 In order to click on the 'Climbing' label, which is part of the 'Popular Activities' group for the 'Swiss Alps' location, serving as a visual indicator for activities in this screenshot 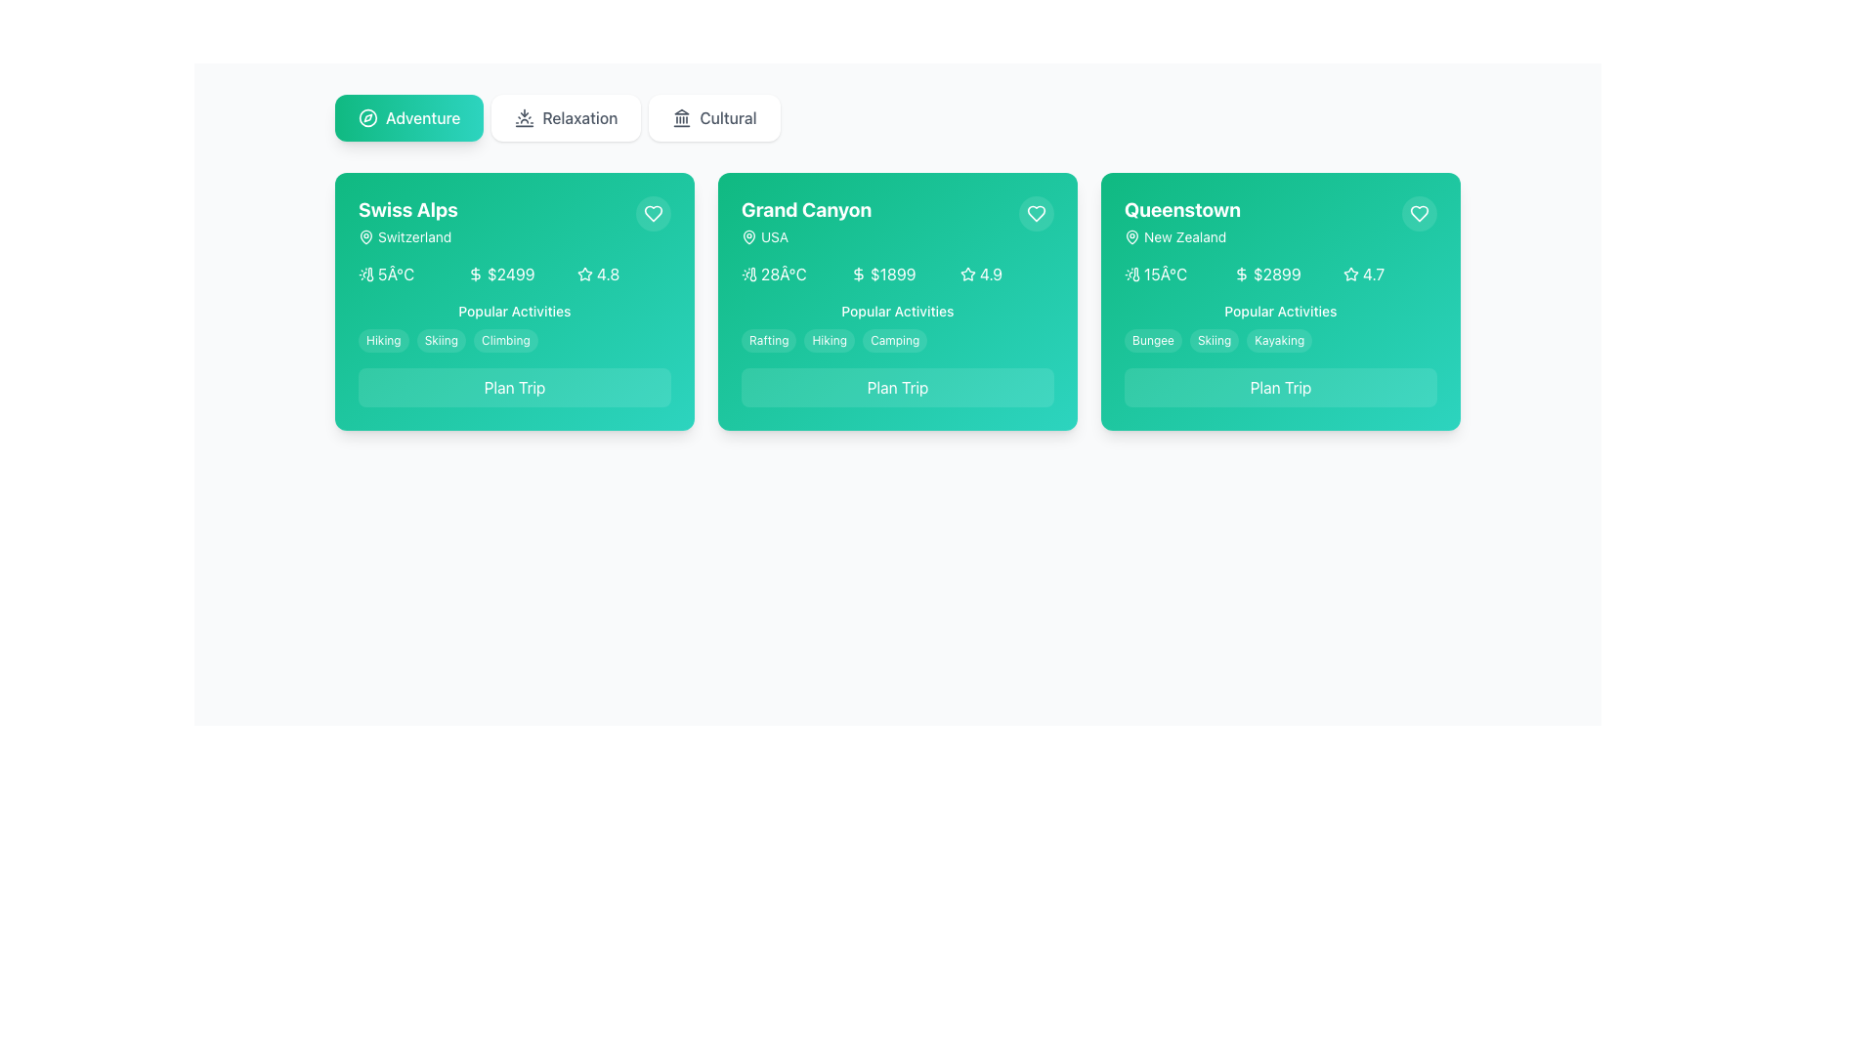, I will do `click(505, 339)`.